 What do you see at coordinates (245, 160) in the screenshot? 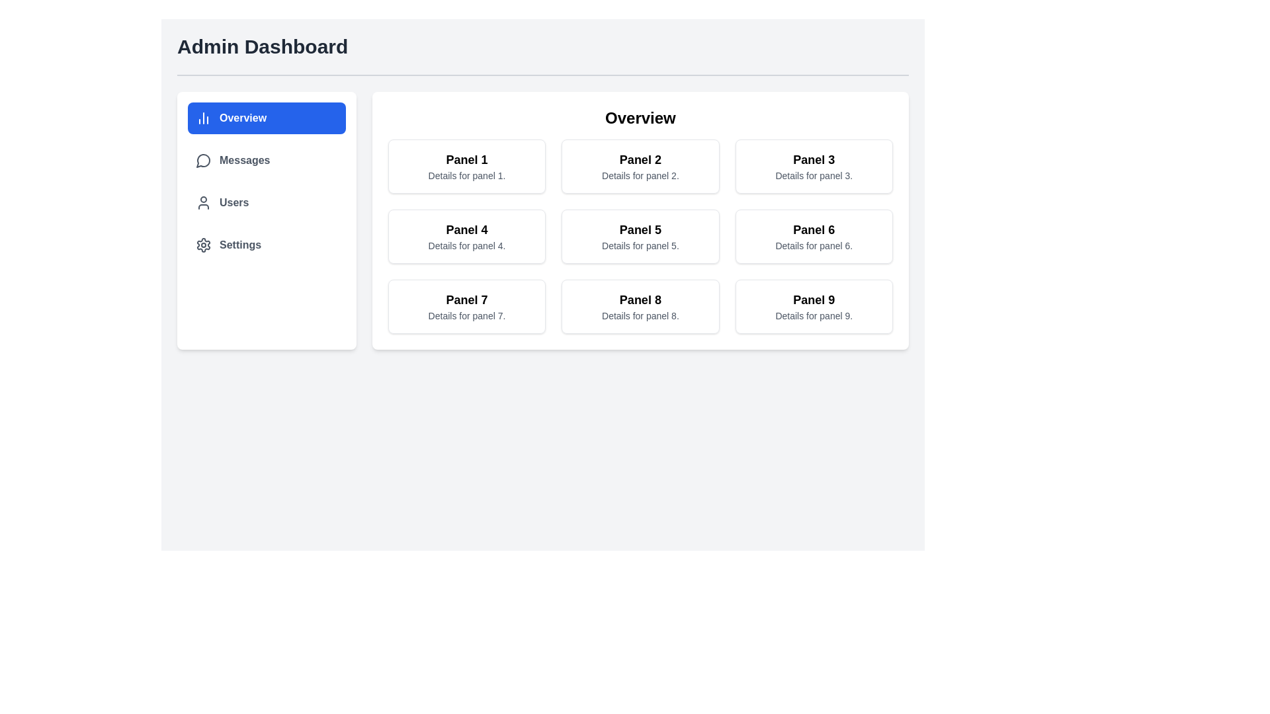
I see `label of the navigation item for messages located in the sidebar menu, positioned below 'Overview' and above 'Users', with a speech bubble icon prefix` at bounding box center [245, 160].